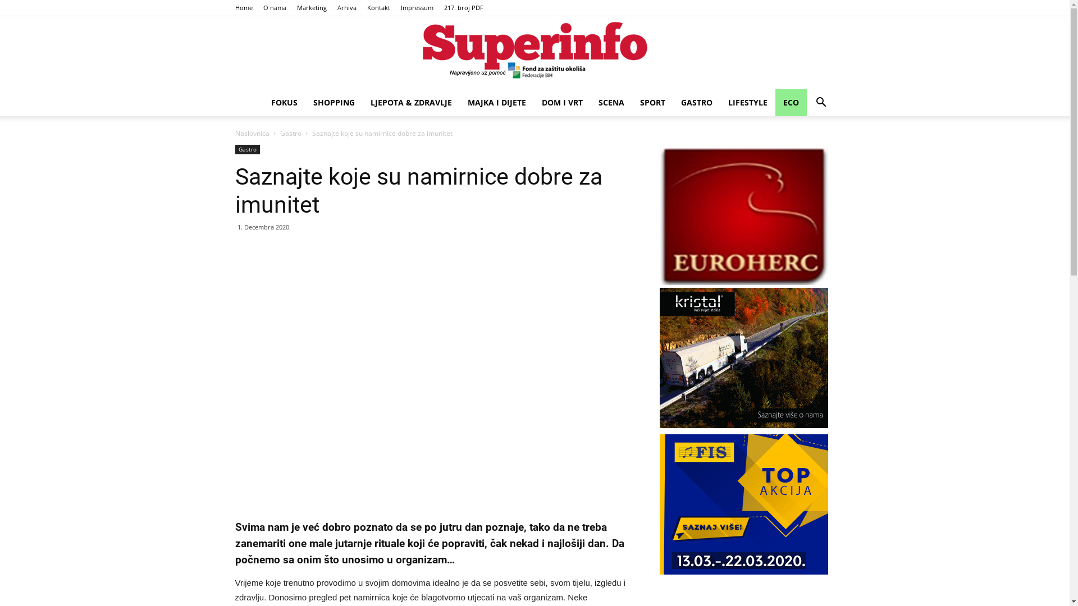 This screenshot has width=1078, height=606. I want to click on 'Naslovnica', so click(251, 132).